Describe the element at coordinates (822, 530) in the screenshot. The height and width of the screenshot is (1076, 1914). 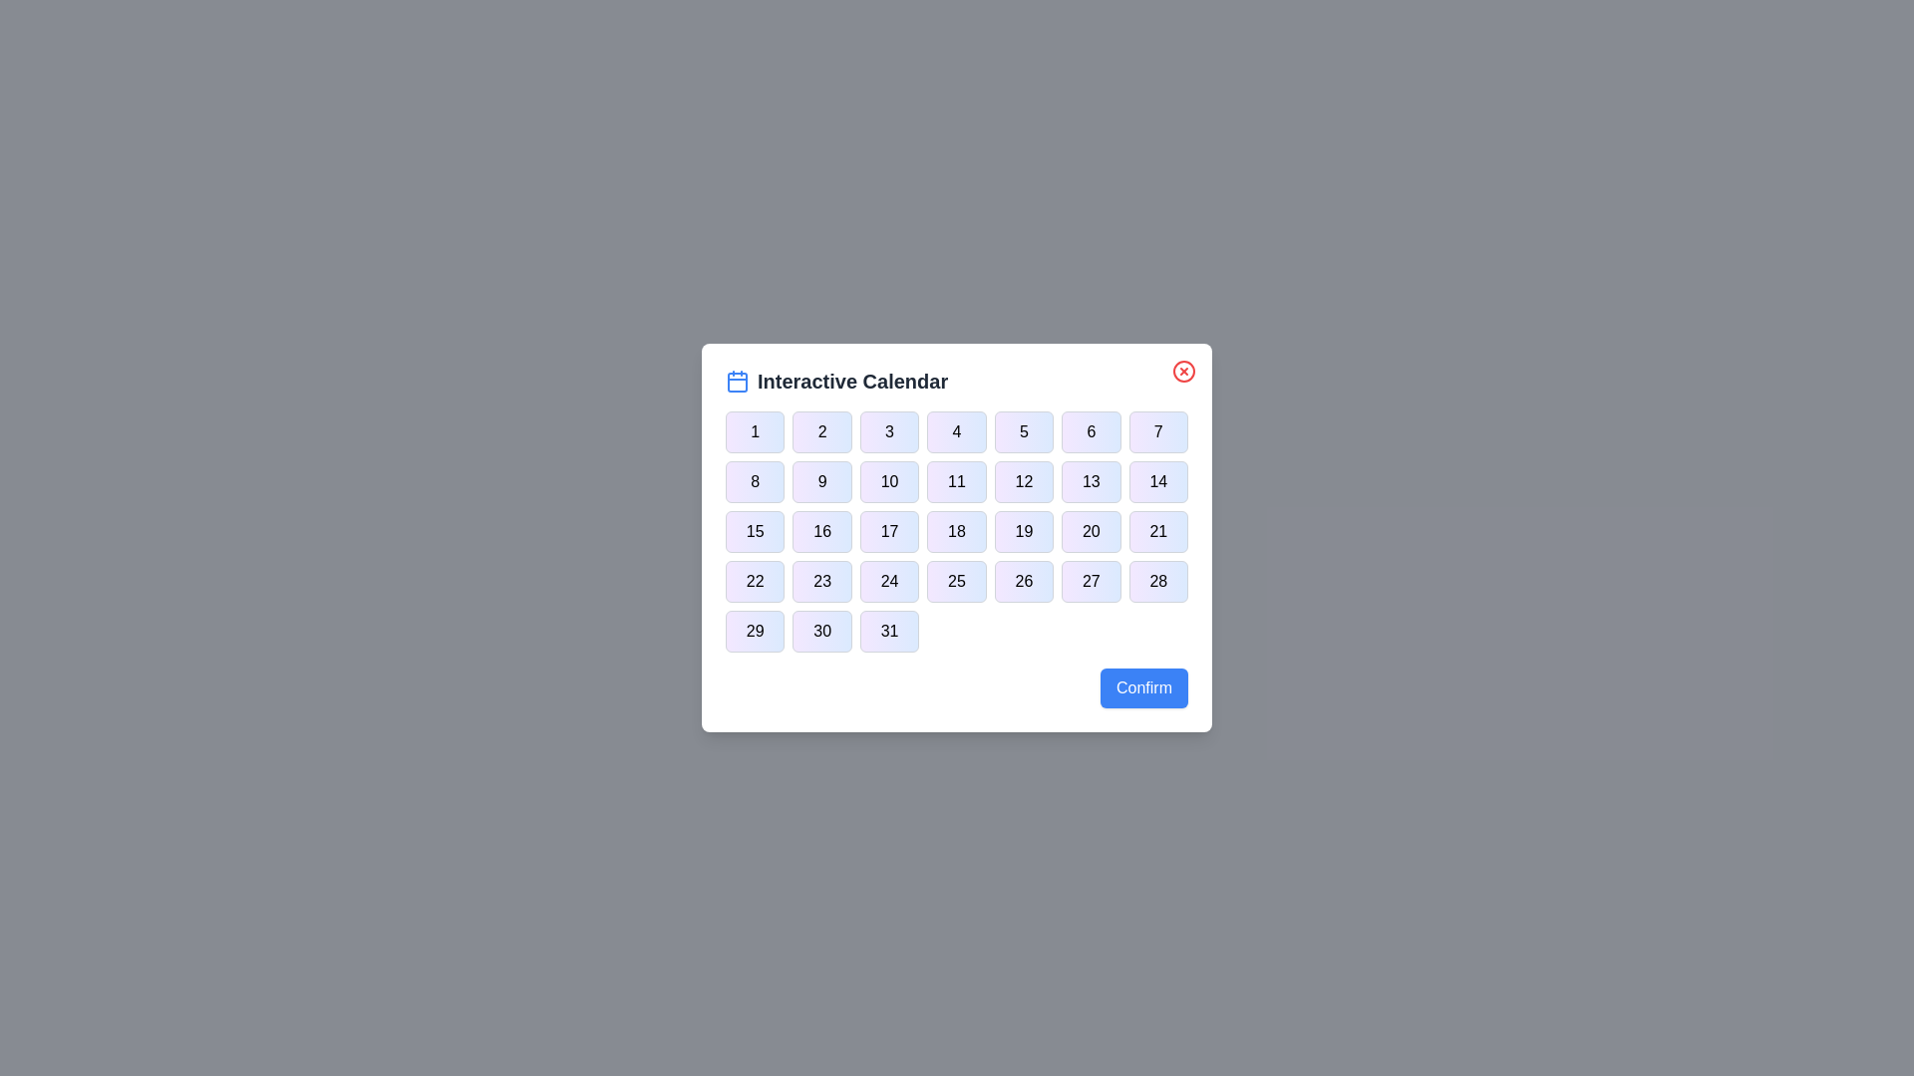
I see `the button corresponding to day 16 in the calendar` at that location.